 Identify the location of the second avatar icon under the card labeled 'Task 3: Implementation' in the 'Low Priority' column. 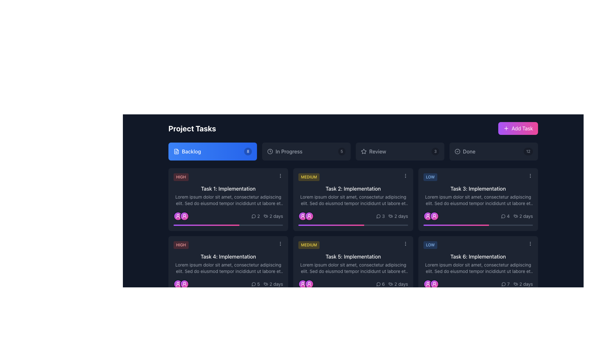
(434, 216).